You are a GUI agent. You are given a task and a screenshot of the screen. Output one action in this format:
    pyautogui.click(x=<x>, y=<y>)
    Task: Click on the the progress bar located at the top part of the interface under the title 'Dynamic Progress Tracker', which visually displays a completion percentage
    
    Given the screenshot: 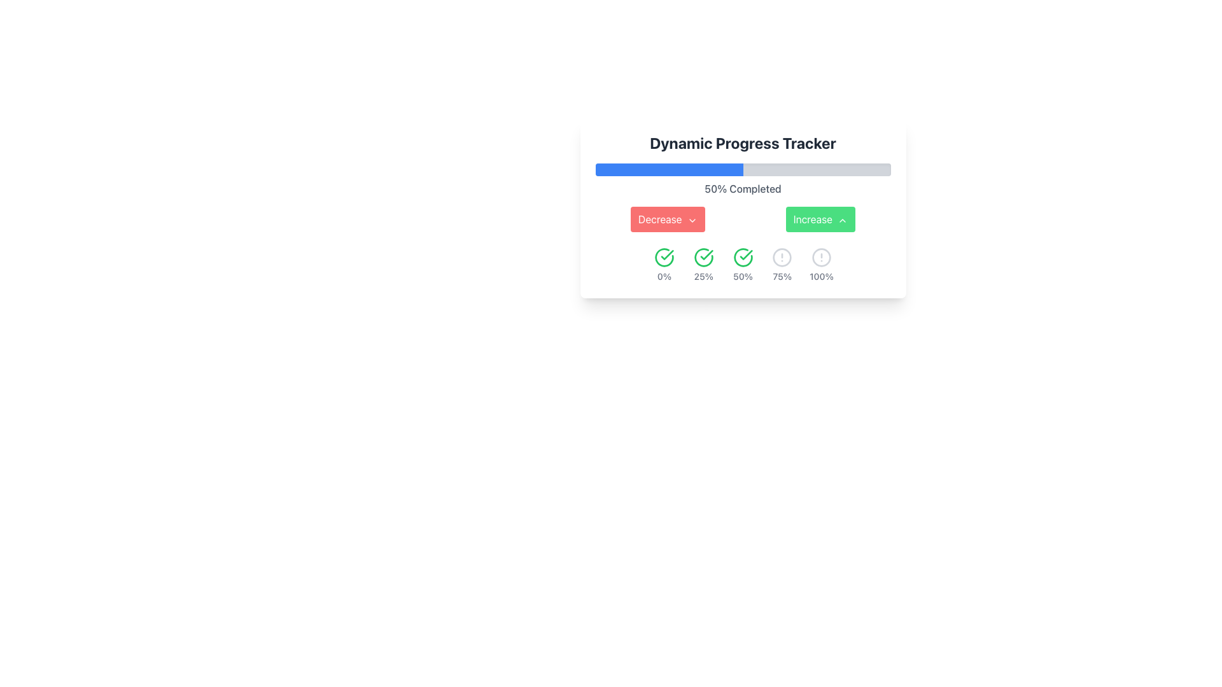 What is the action you would take?
    pyautogui.click(x=668, y=169)
    